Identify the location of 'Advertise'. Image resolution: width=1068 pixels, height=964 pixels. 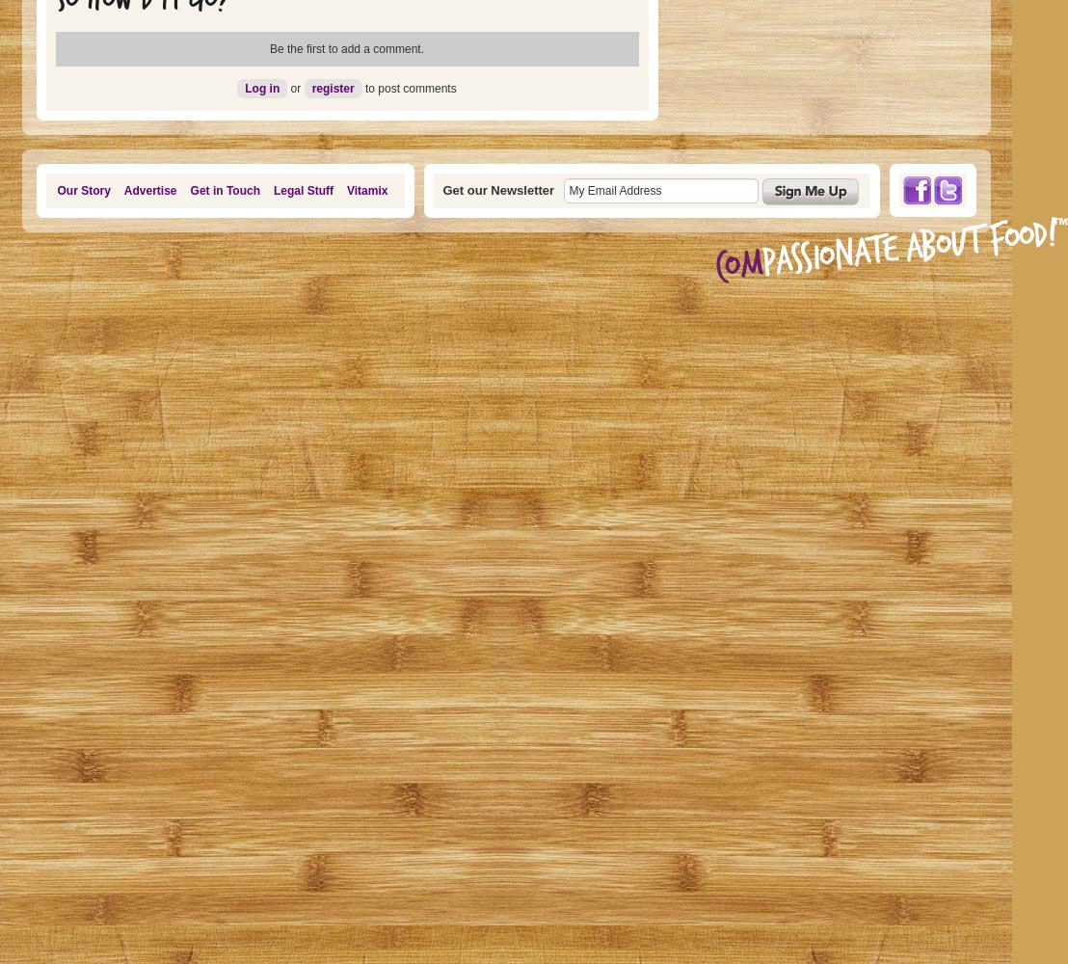
(122, 190).